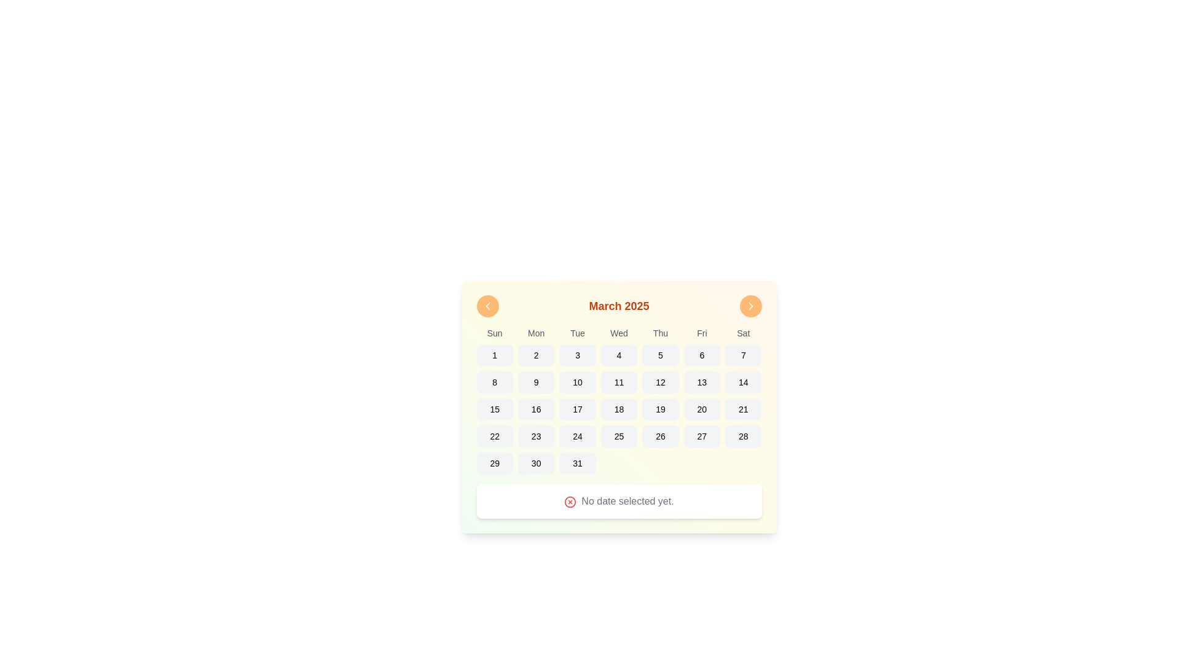 The image size is (1180, 663). What do you see at coordinates (495, 333) in the screenshot?
I see `the text label indicating the abbreviation for Sunday, which is located at the top left of the calendar interface in the header row of day abbreviations` at bounding box center [495, 333].